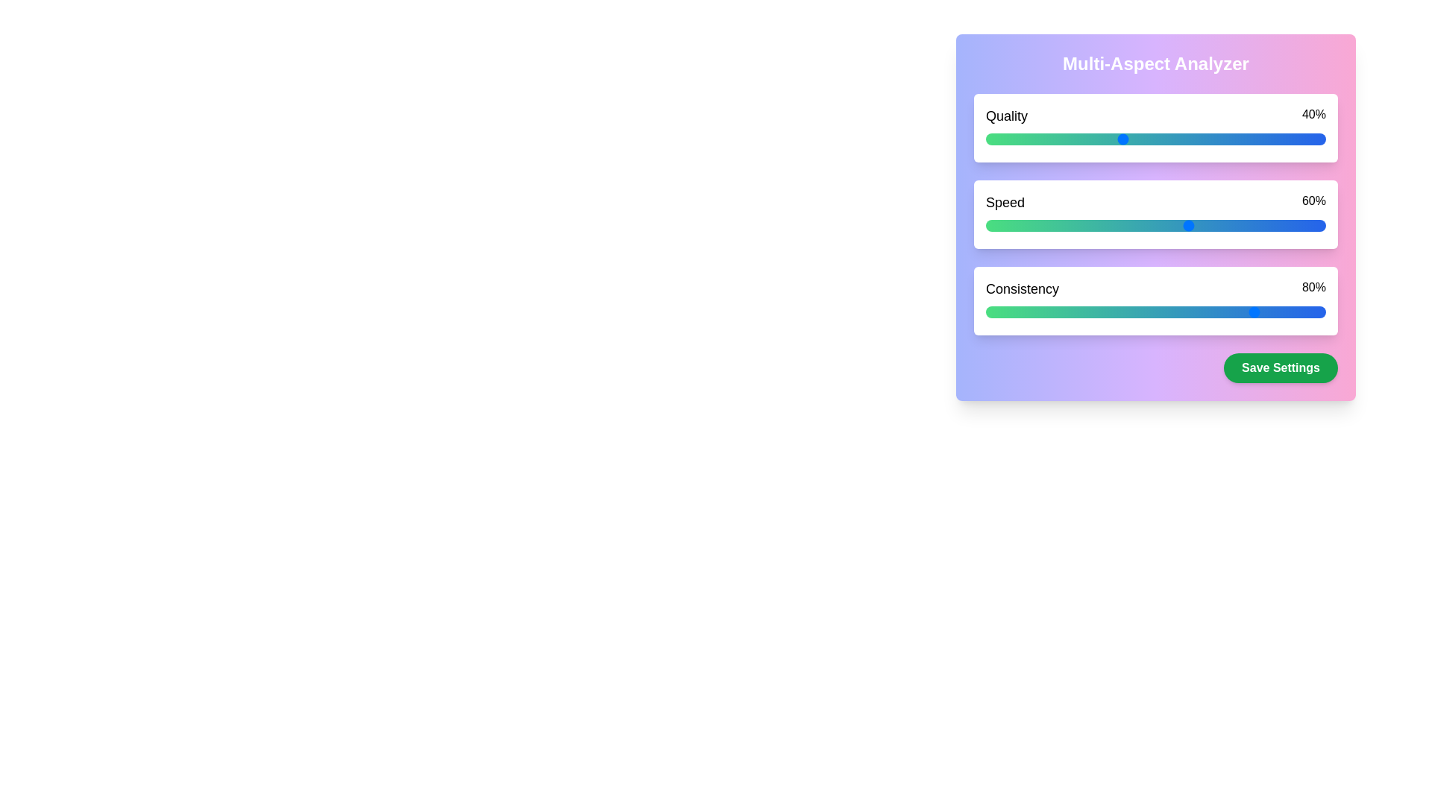 The height and width of the screenshot is (805, 1432). What do you see at coordinates (1145, 139) in the screenshot?
I see `quality` at bounding box center [1145, 139].